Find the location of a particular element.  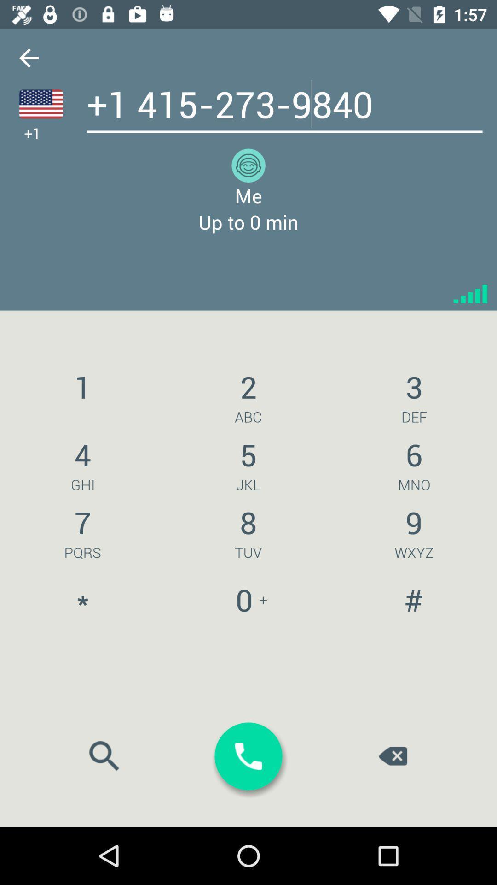

country is located at coordinates (40, 104).